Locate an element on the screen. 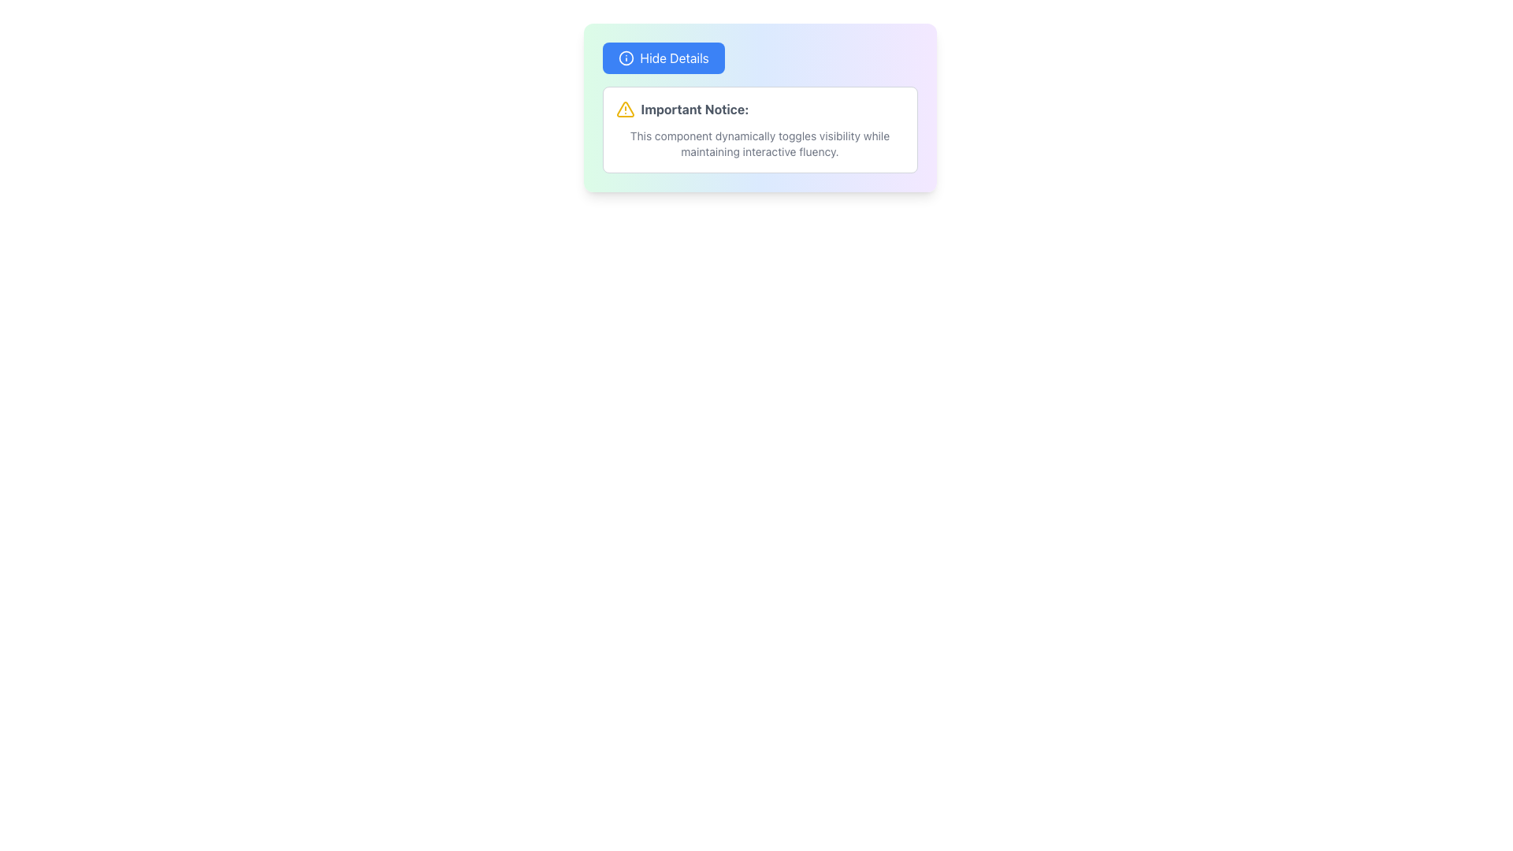  the important notice icon that visually indicates caution and is positioned to the left of the 'Important Notice:' text is located at coordinates (624, 108).